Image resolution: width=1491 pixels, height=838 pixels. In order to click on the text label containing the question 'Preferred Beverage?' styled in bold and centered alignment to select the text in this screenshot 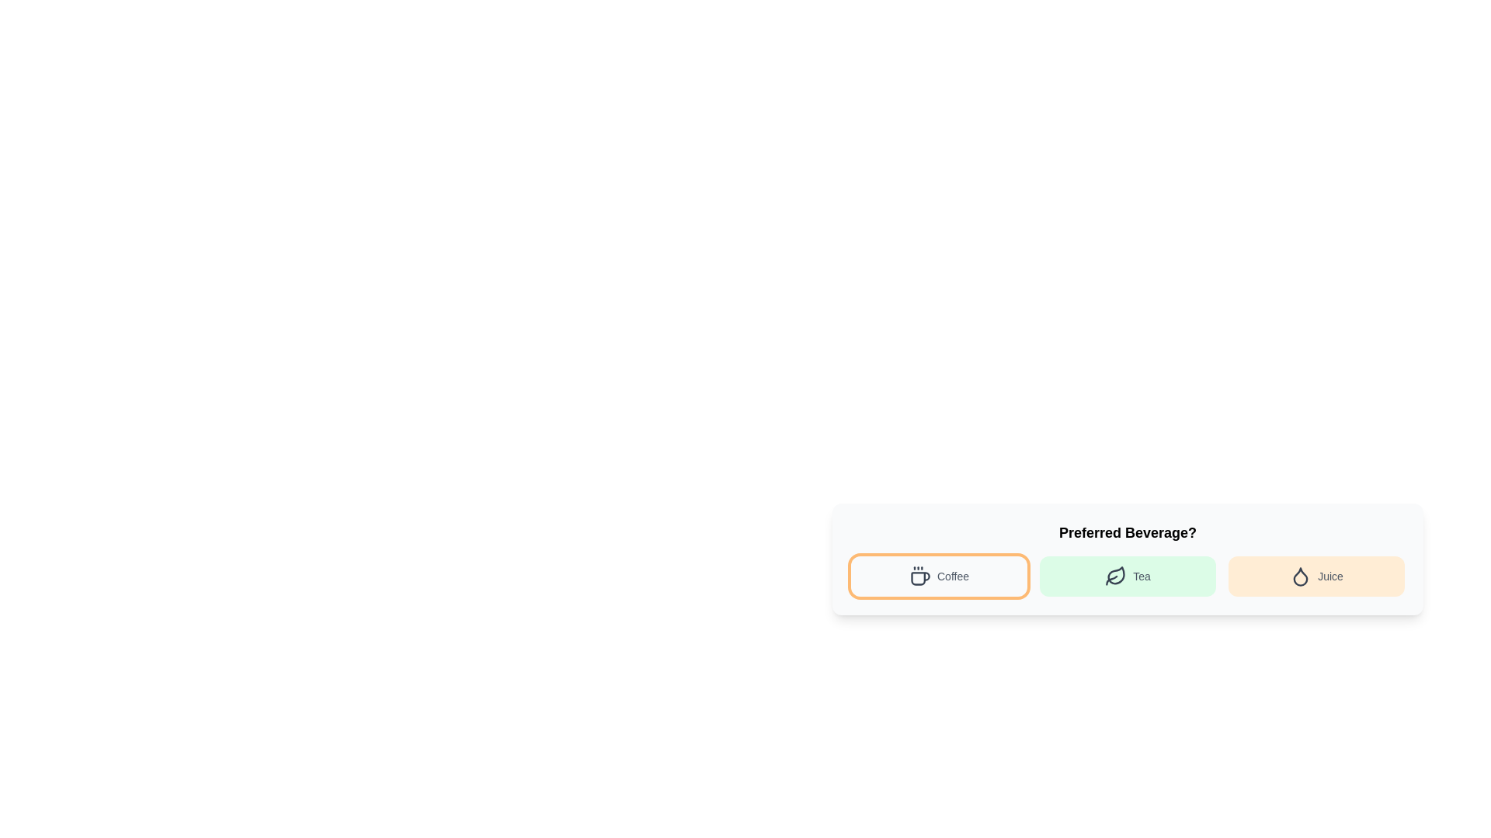, I will do `click(1128, 532)`.